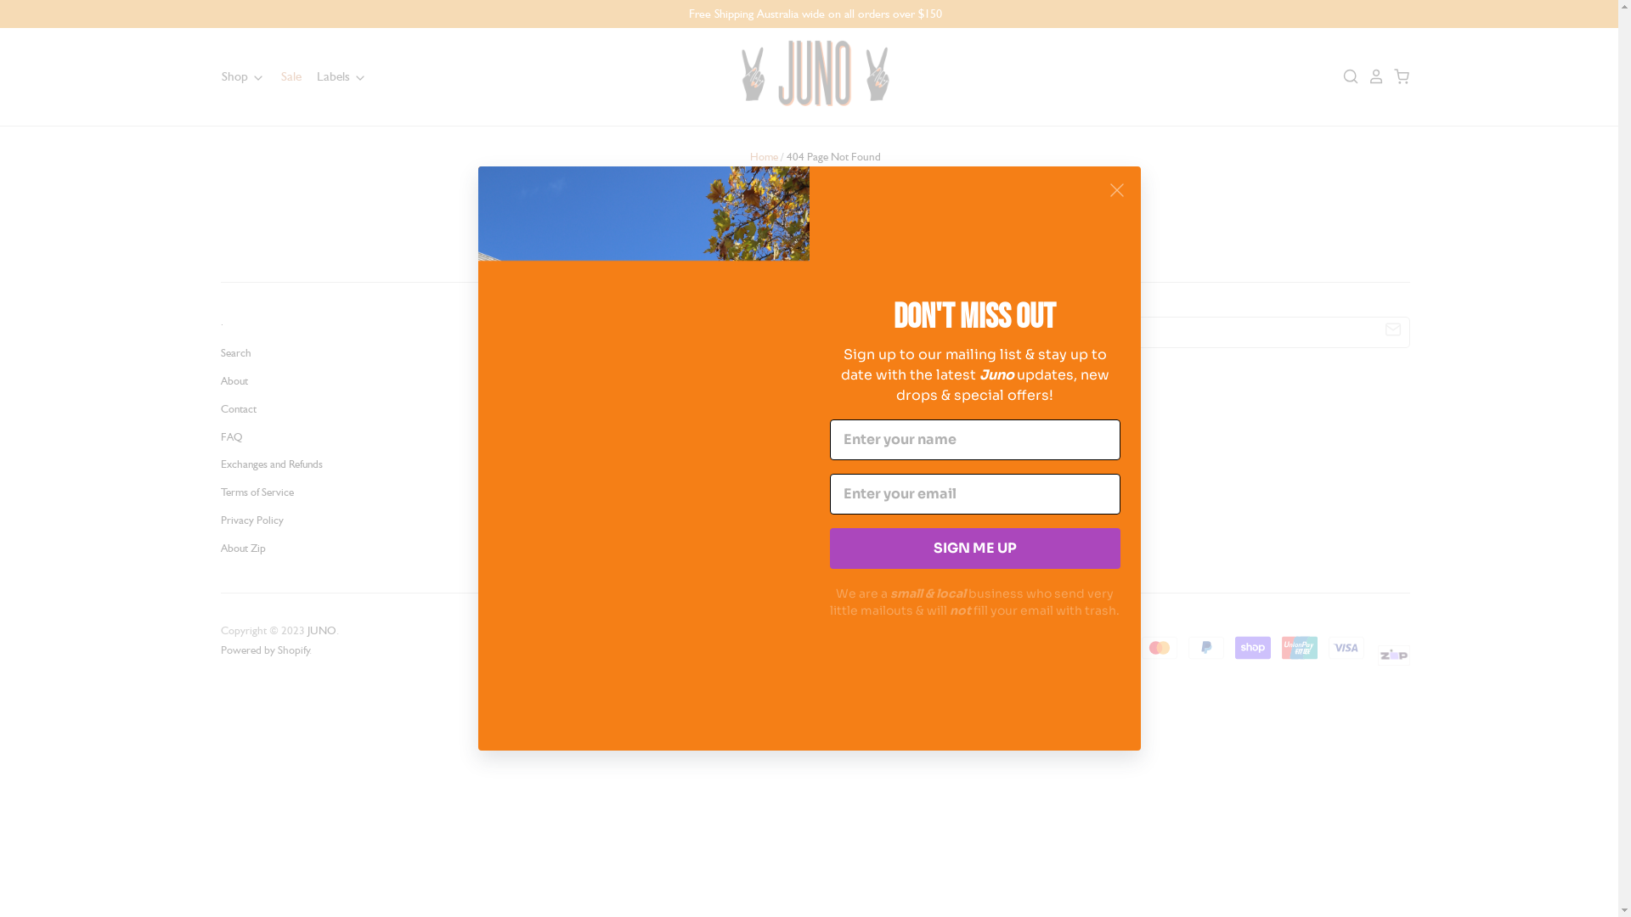 The height and width of the screenshot is (917, 1631). I want to click on 'hello@junostore.com.au', so click(680, 488).